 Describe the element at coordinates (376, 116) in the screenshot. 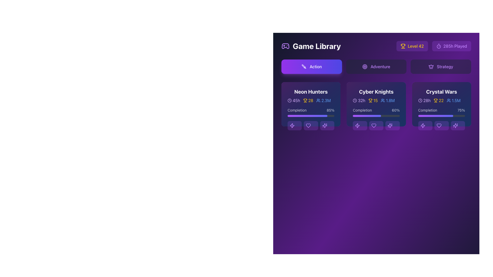

I see `the rectangular progress bar with a gradient from purple to indigo, indicating 60% completion, located under the 'Completion' label in the 'Cyber Knights' card in the 'Game Library' interface` at that location.